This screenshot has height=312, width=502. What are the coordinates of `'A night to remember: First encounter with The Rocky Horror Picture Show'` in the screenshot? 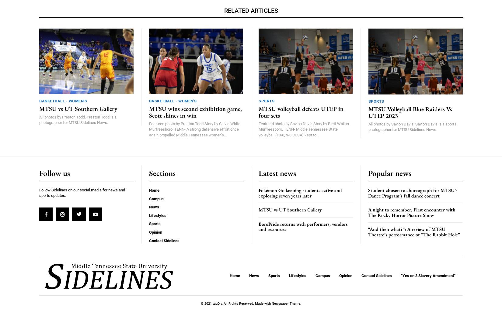 It's located at (411, 212).